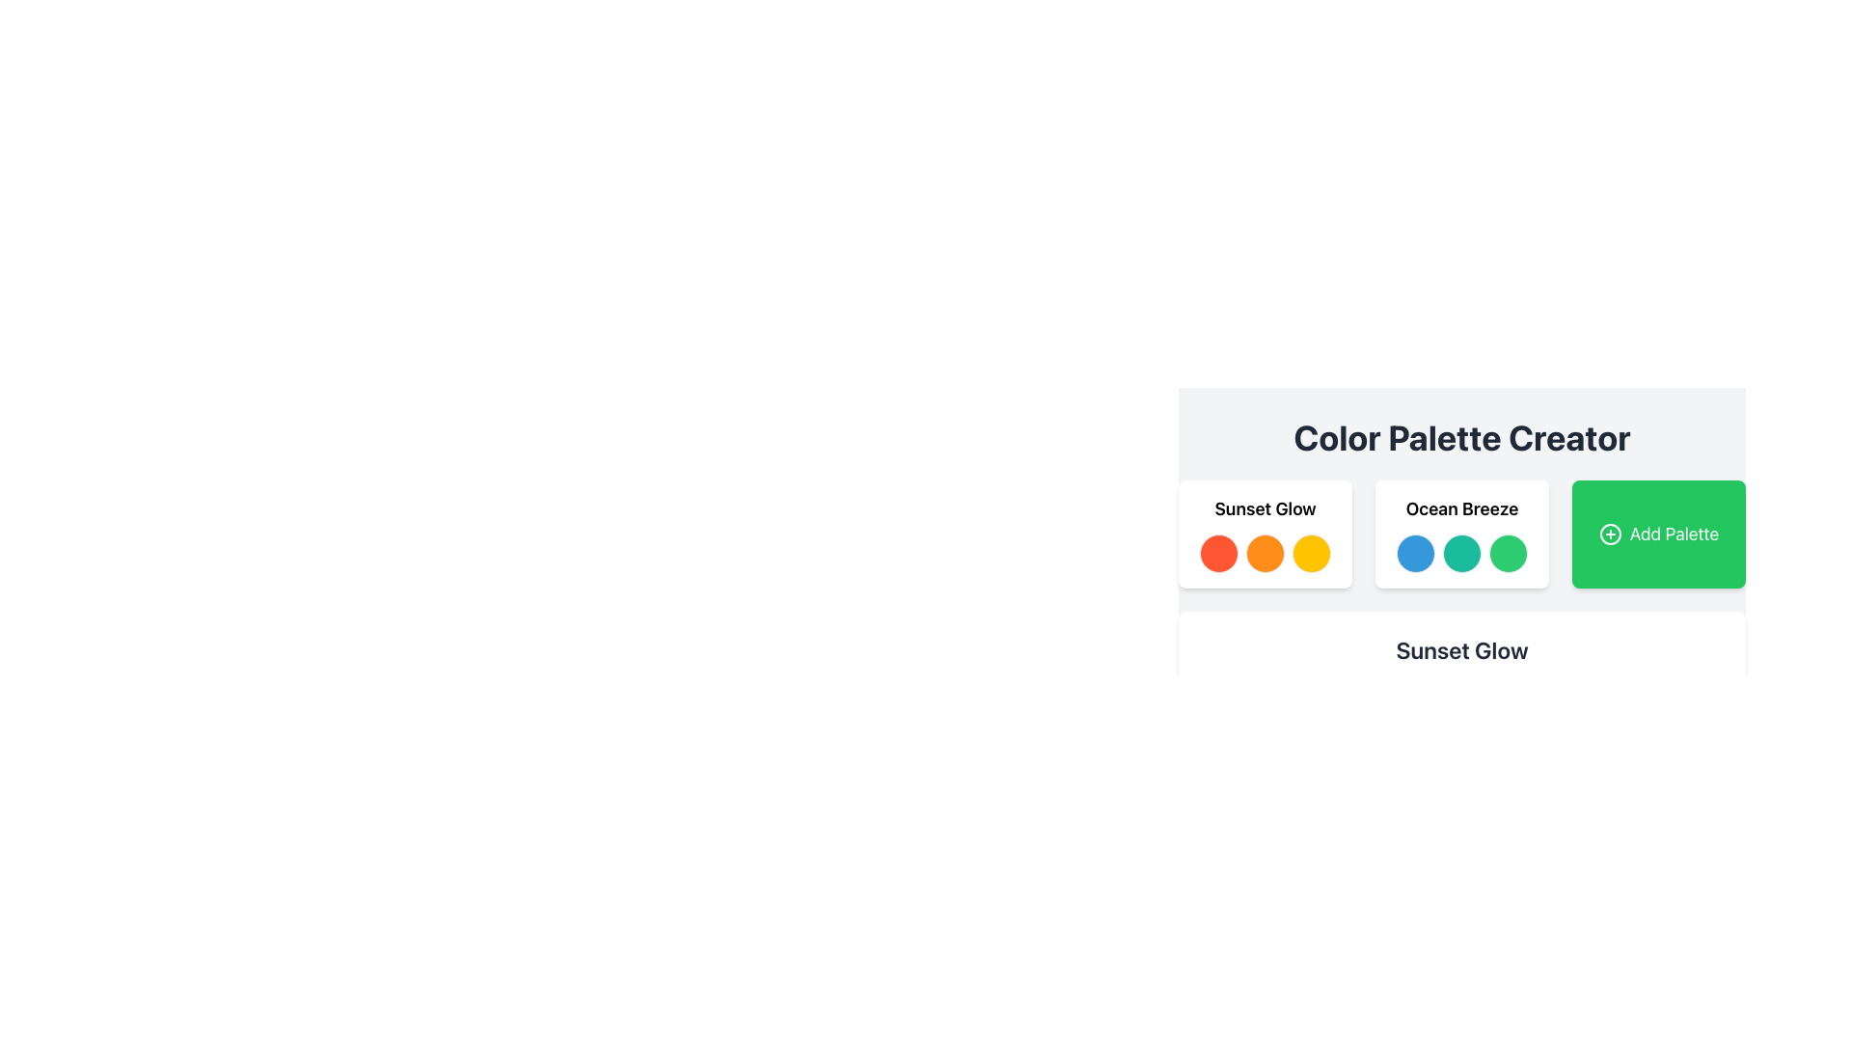 Image resolution: width=1852 pixels, height=1042 pixels. What do you see at coordinates (1462, 650) in the screenshot?
I see `the static text displaying the title 'Sunset Glow', which identifies the color palette within the 'Color Palette Creator' section` at bounding box center [1462, 650].